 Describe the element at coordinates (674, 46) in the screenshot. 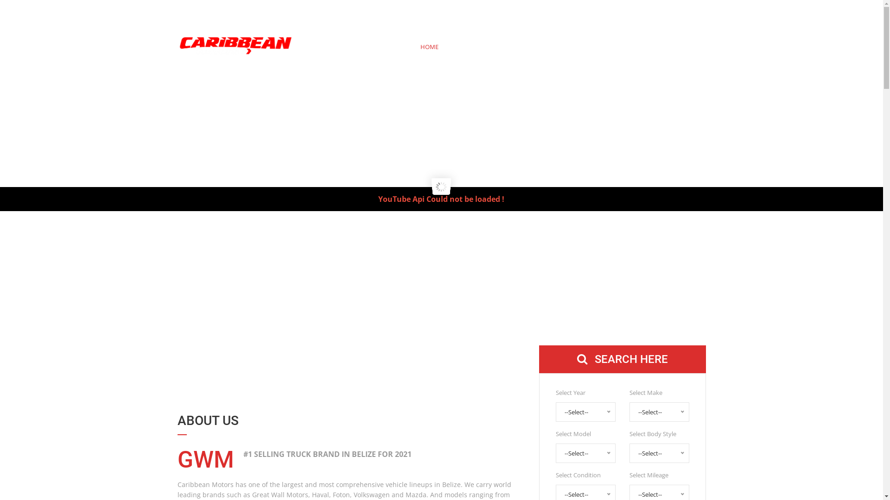

I see `'CONTACT'` at that location.